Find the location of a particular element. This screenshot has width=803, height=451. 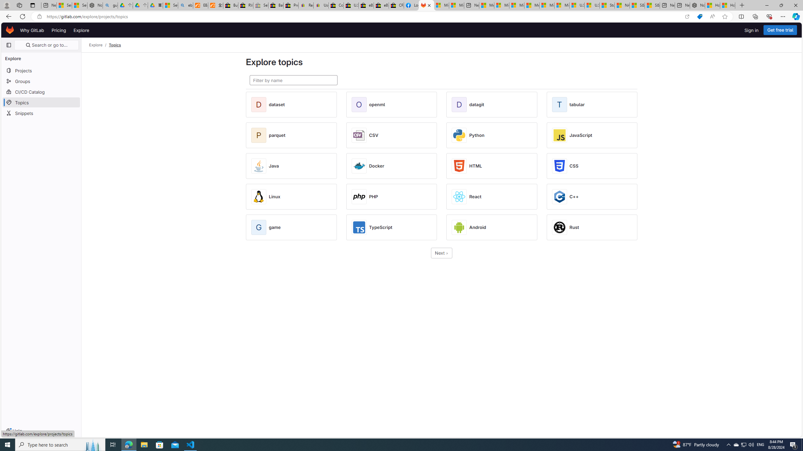

'Press Room - eBay Inc.' is located at coordinates (291, 5).